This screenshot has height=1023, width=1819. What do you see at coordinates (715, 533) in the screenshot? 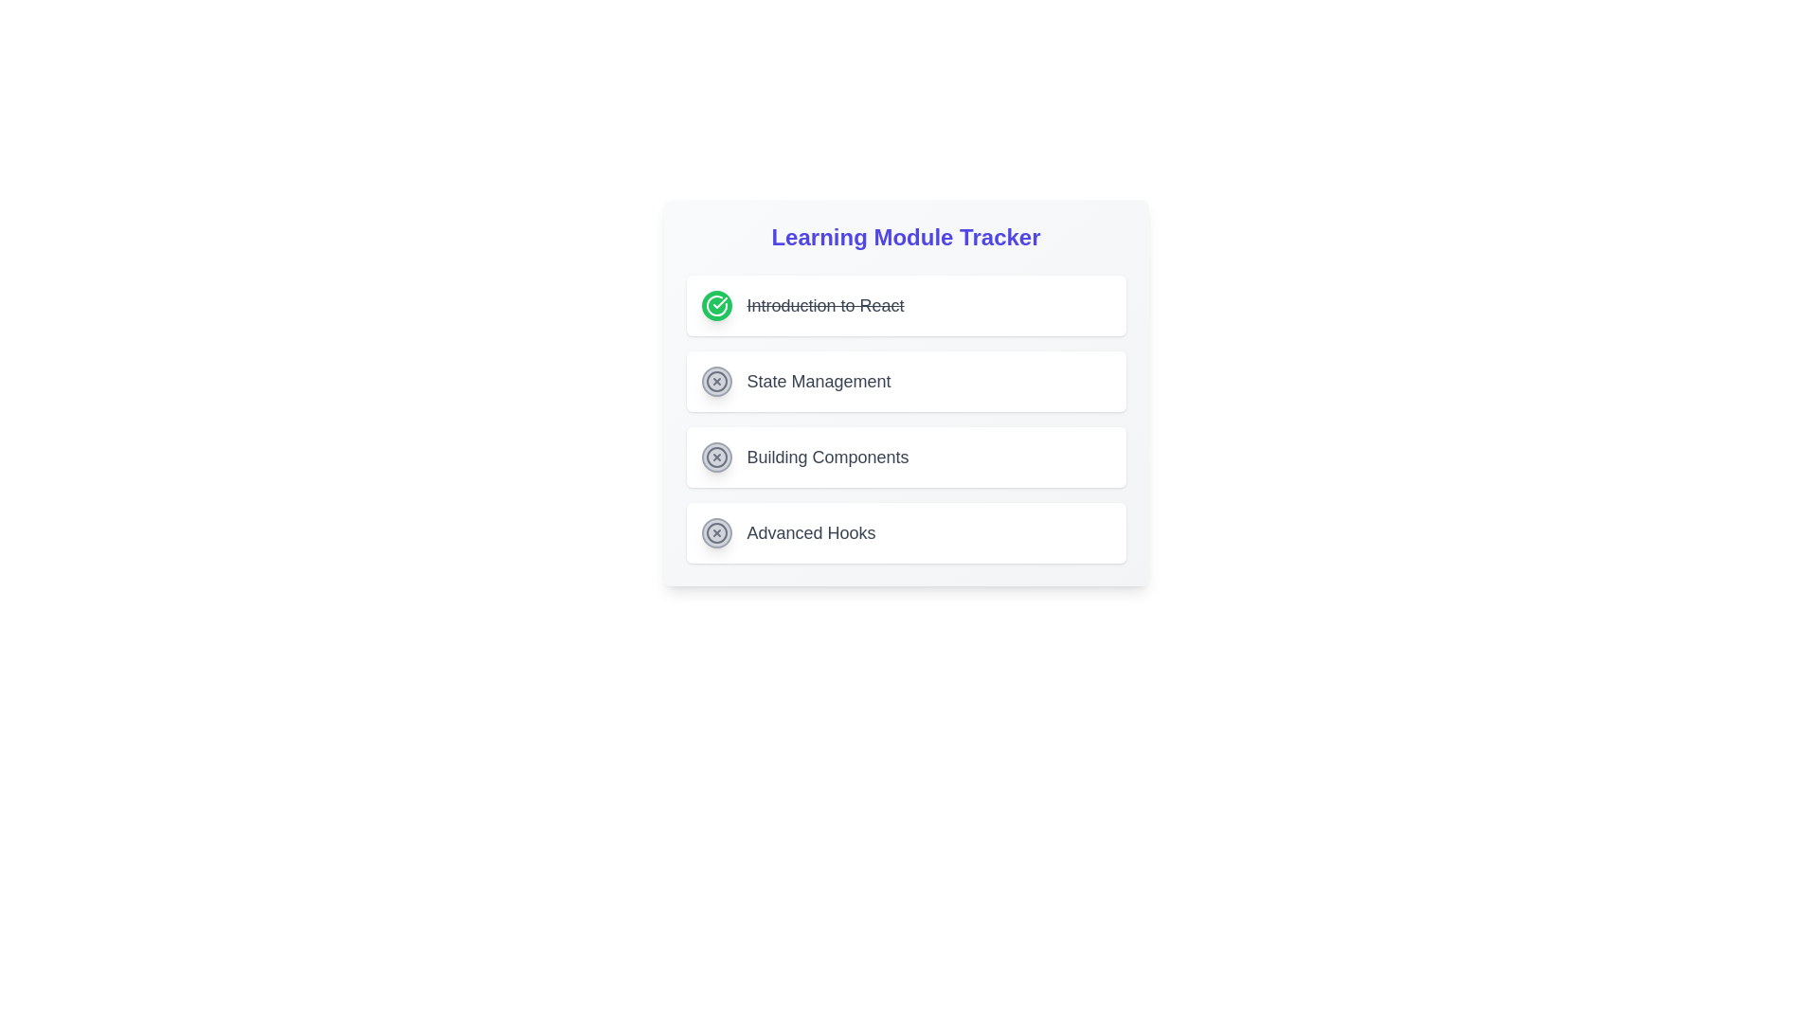
I see `the Circular SVG element that serves as a visual cue for the 'not completed' status of the 'Advanced Hooks' module in the fourth row of the list` at bounding box center [715, 533].